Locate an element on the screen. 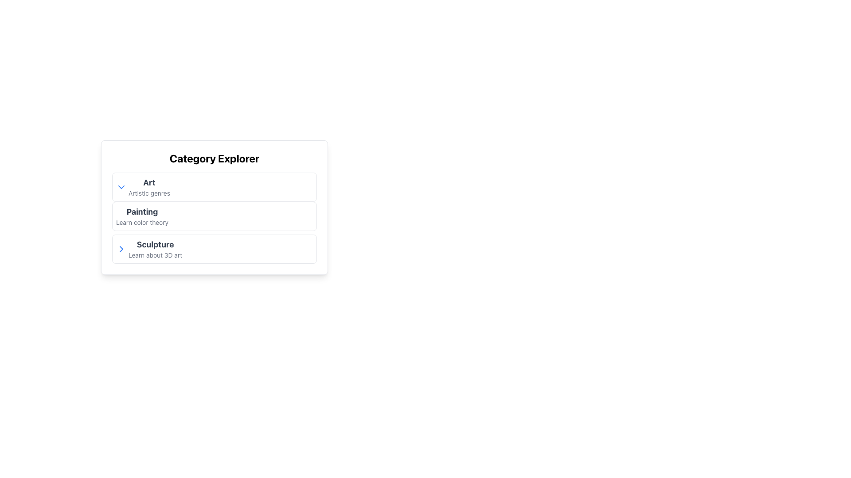 The image size is (851, 478). the 'Painting' entry in the 'Category Explorer' section is located at coordinates (215, 208).